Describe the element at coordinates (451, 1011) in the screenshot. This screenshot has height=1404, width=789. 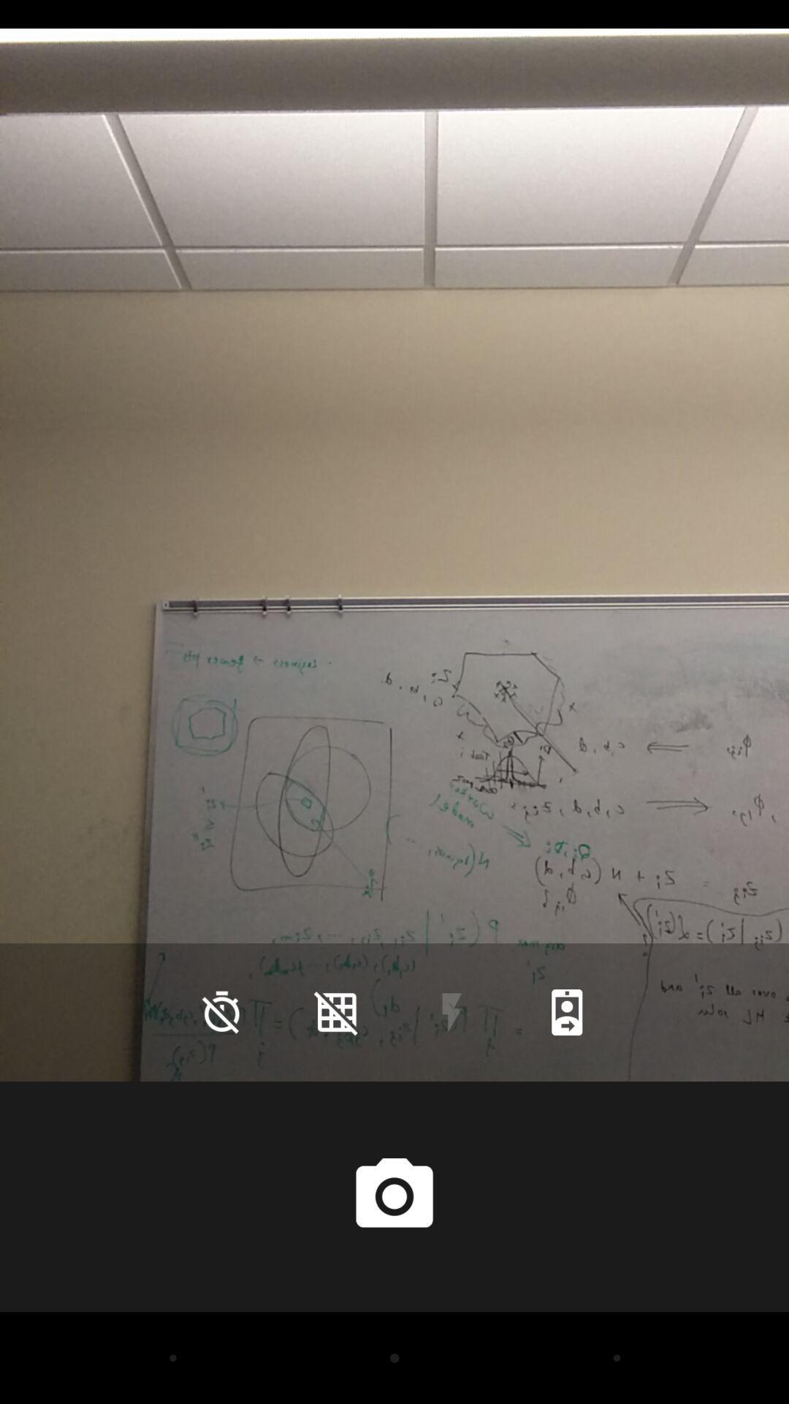
I see `the flash icon` at that location.